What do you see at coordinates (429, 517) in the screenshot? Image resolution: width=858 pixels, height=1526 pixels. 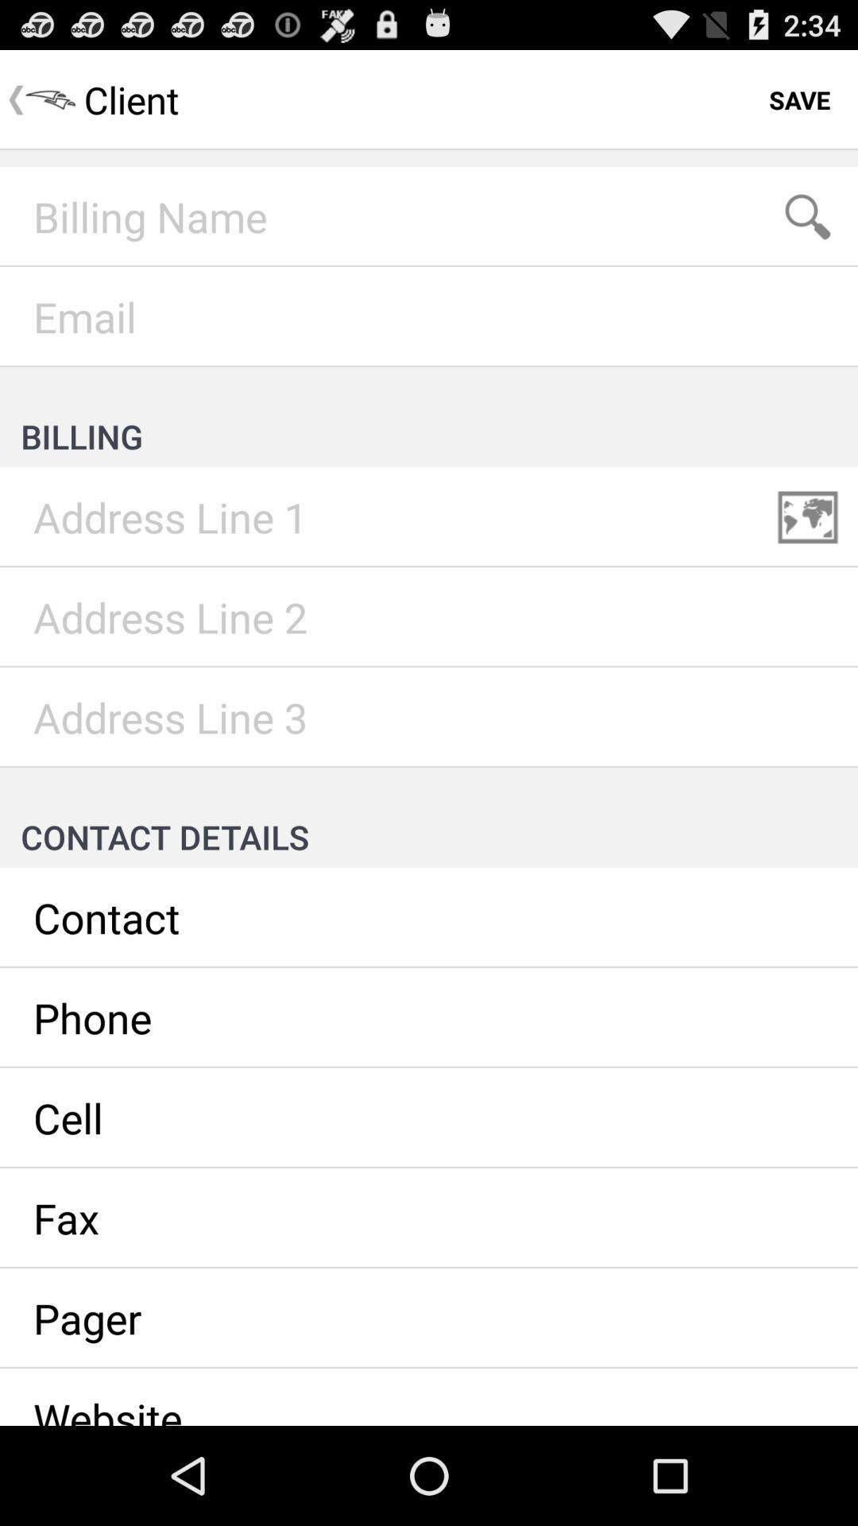 I see `textbox for first address line` at bounding box center [429, 517].